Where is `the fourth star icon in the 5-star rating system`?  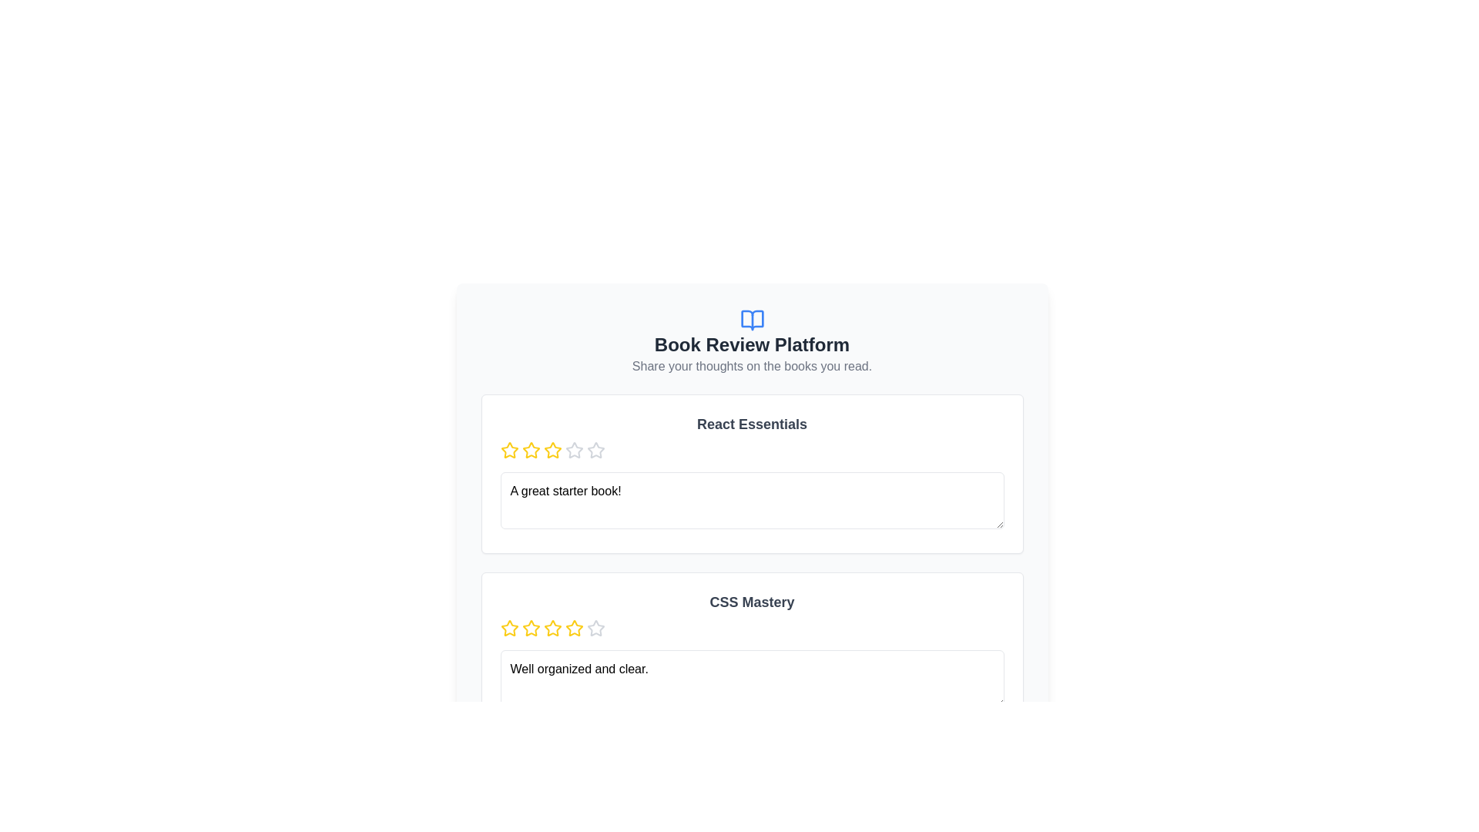 the fourth star icon in the 5-star rating system is located at coordinates (595, 628).